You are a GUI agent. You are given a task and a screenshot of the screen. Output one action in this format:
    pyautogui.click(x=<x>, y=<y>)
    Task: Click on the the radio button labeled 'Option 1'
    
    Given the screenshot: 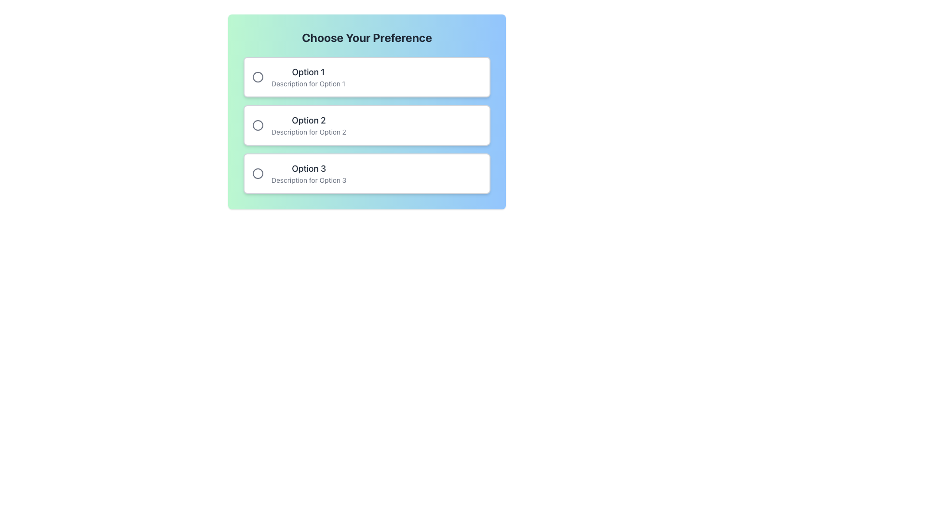 What is the action you would take?
    pyautogui.click(x=298, y=76)
    